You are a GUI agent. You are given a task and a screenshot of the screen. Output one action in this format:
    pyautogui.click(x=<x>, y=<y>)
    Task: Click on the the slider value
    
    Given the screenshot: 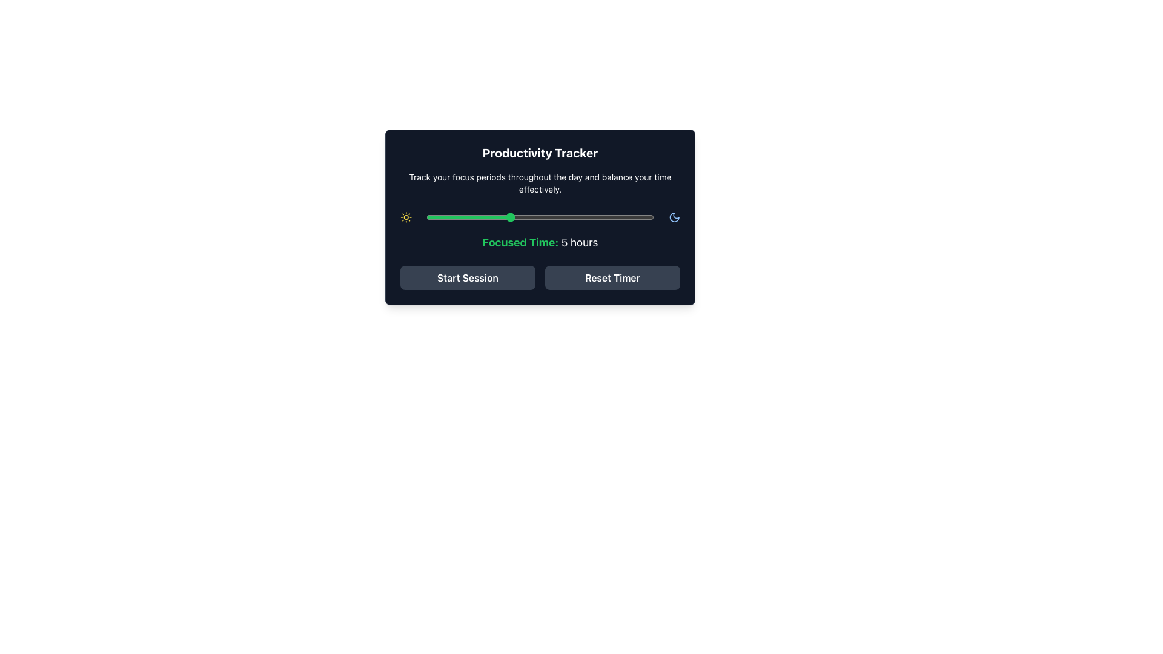 What is the action you would take?
    pyautogui.click(x=612, y=216)
    